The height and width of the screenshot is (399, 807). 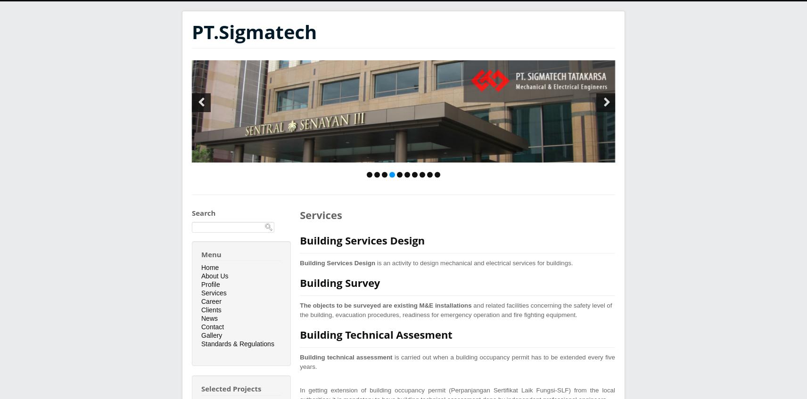 What do you see at coordinates (254, 32) in the screenshot?
I see `'PT.Sigmatech'` at bounding box center [254, 32].